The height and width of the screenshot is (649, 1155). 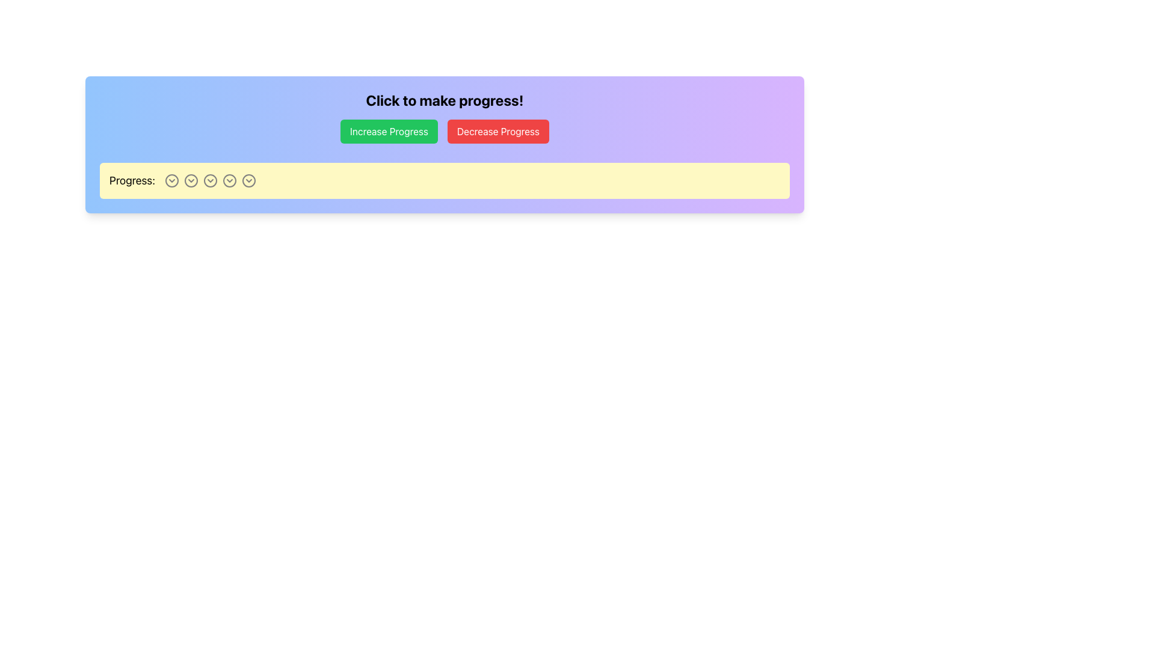 What do you see at coordinates (389, 132) in the screenshot?
I see `the 'Increase Progress' button which is a rectangular button with a green background and white text, located near the top-center of the layout, to the left of the 'Decrease Progress' button` at bounding box center [389, 132].